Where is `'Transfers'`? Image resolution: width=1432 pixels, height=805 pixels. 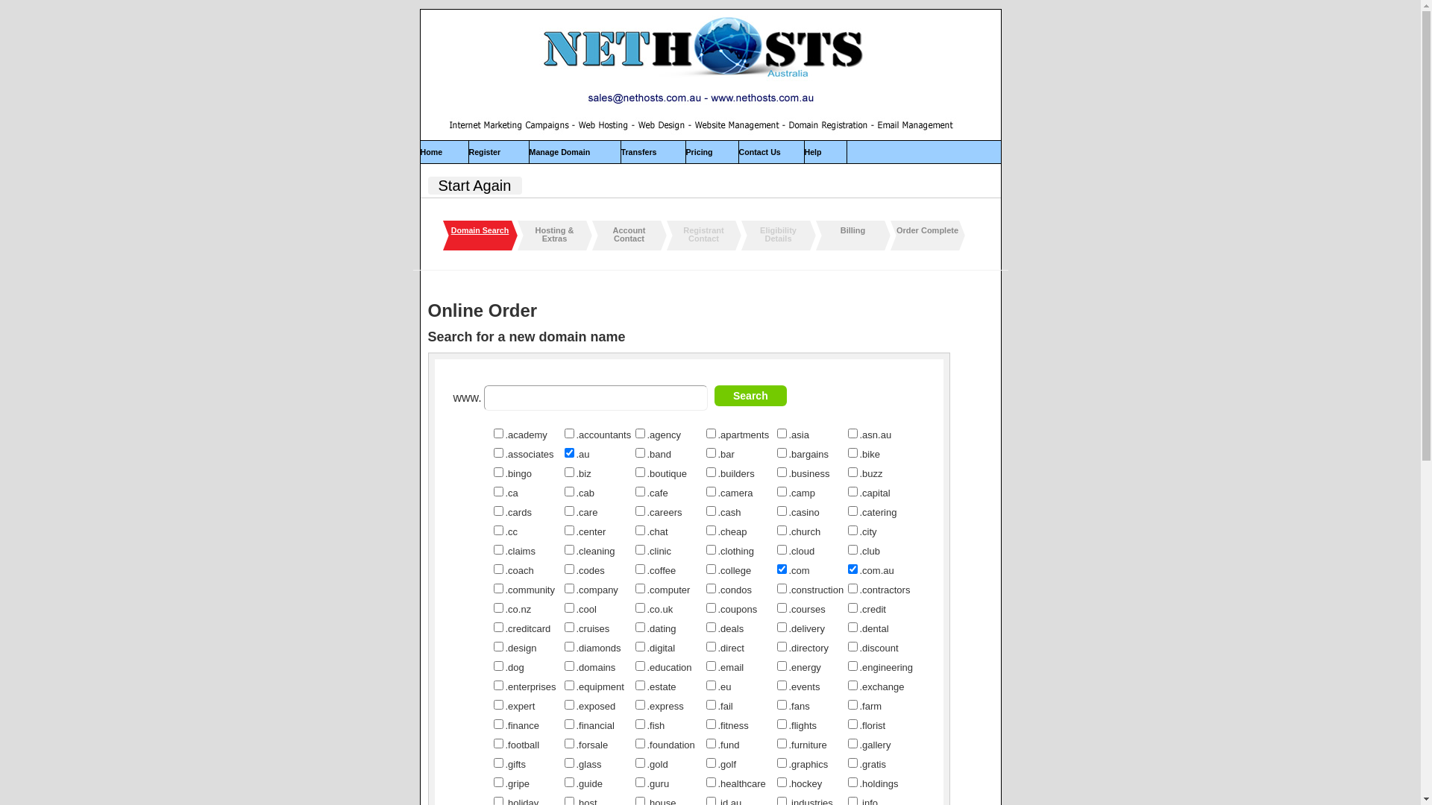
'Transfers' is located at coordinates (638, 152).